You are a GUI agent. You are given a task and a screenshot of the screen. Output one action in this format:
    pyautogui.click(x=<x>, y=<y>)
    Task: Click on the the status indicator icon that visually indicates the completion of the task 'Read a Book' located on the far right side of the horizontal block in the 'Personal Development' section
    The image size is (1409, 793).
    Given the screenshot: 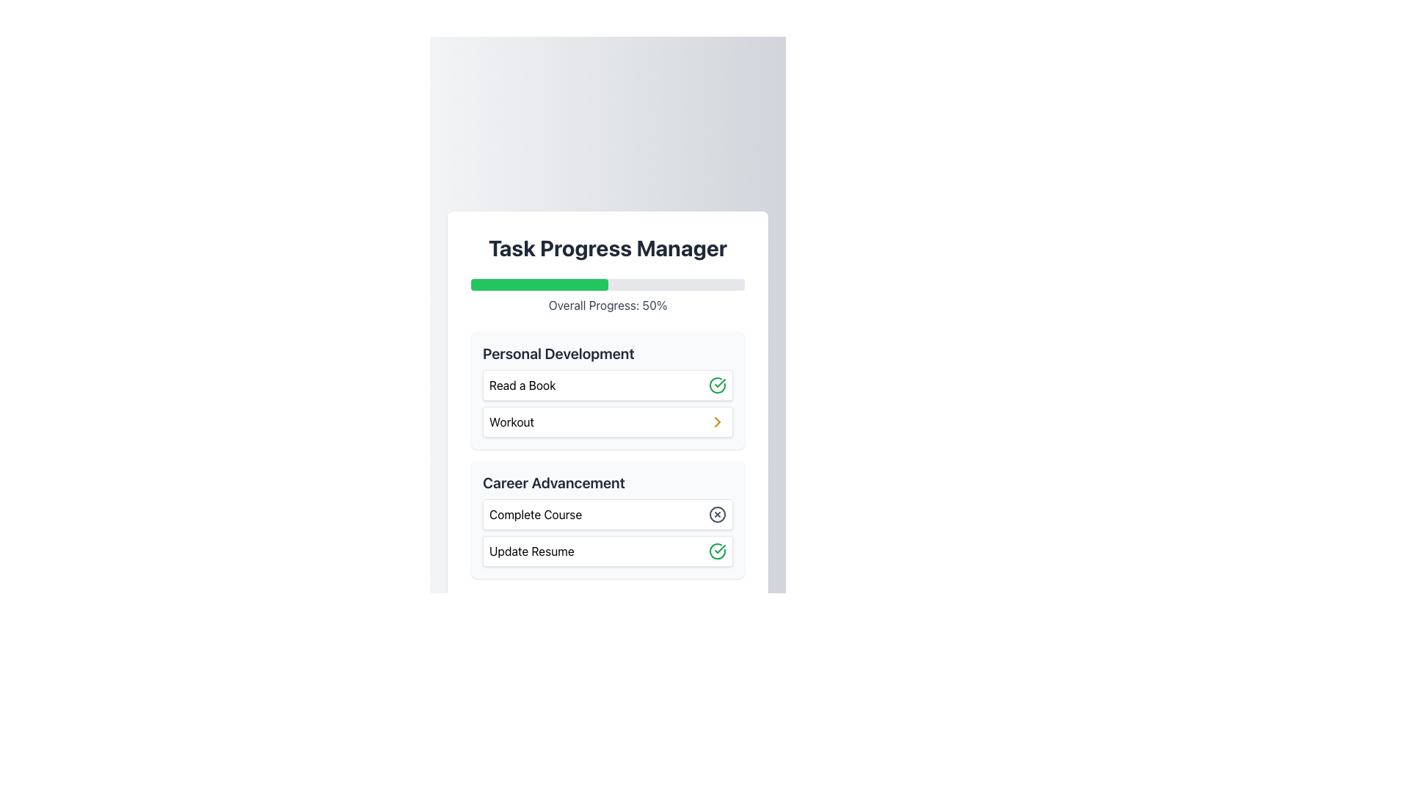 What is the action you would take?
    pyautogui.click(x=718, y=384)
    